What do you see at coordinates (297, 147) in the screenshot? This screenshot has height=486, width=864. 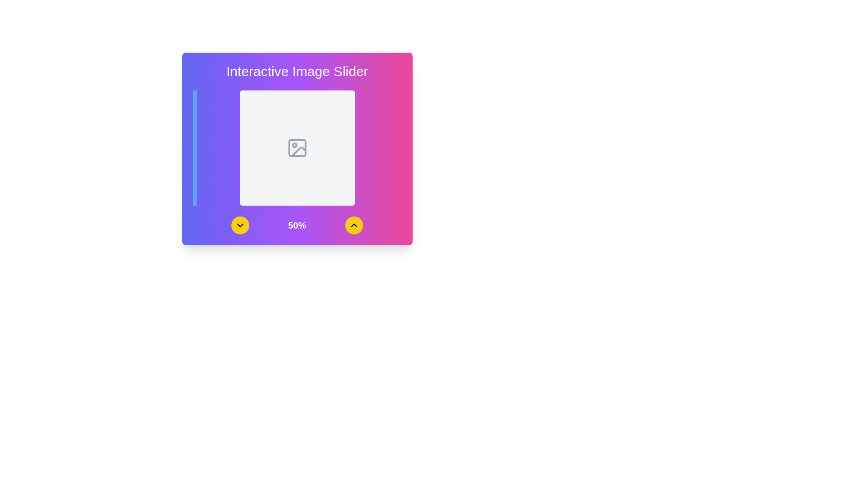 I see `the image placeholder icon located centrally within a gray square area in the middle of the pink and purple rectangular section` at bounding box center [297, 147].